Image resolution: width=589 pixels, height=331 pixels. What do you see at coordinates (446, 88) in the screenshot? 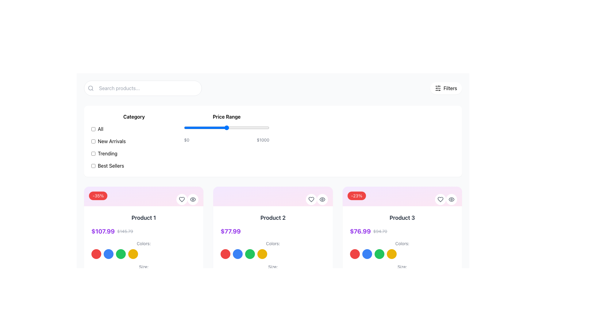
I see `the 'Filters' button in the top-right corner with rounded edges and a white background` at bounding box center [446, 88].